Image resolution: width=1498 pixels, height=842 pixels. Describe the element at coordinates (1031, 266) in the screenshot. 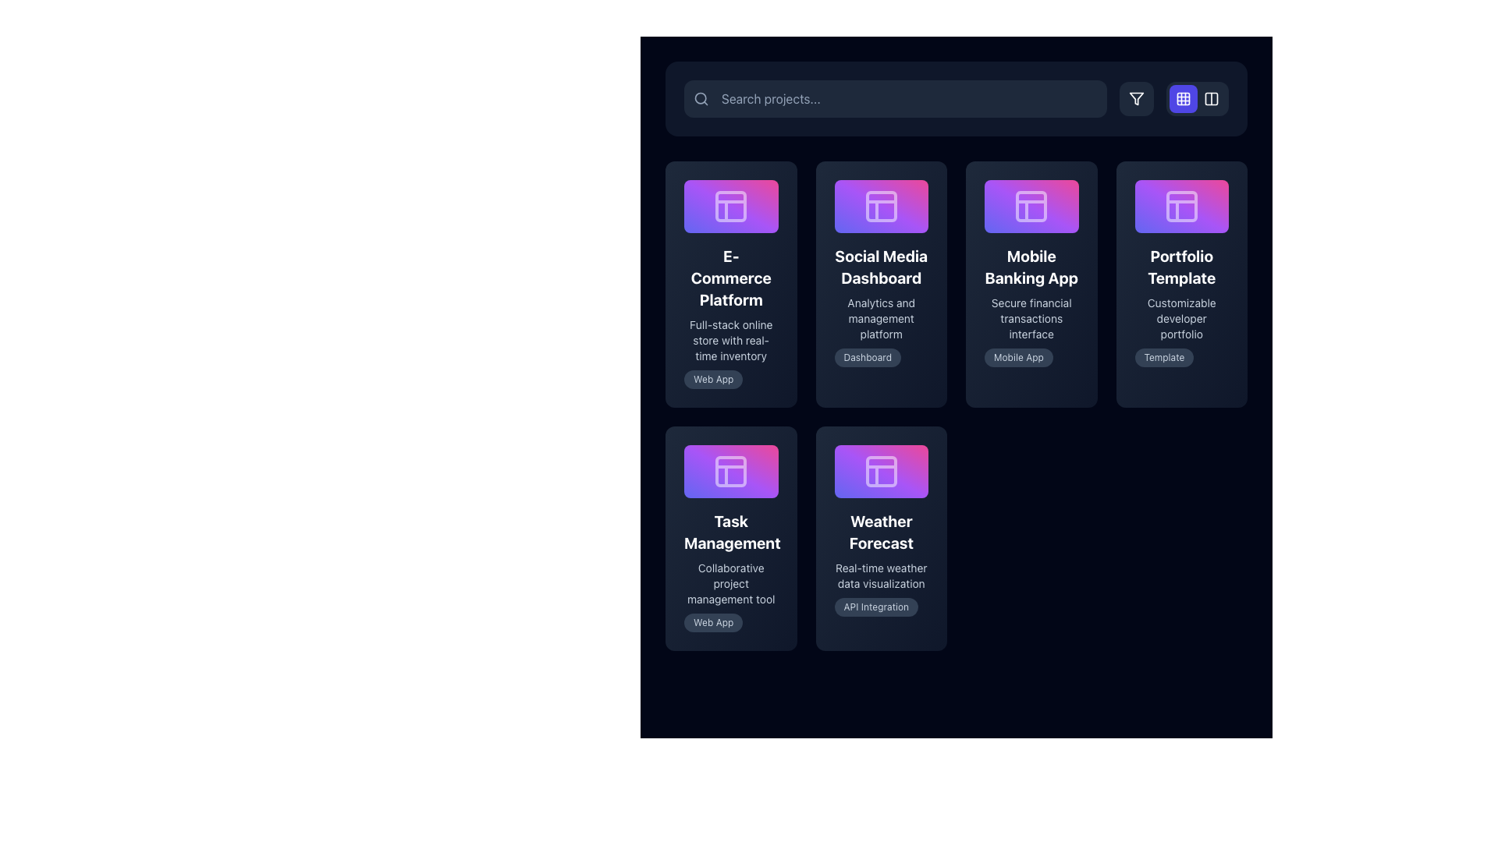

I see `the Text Label that serves as a title or heading for the card in the top row, third column of a 2x3 grid layout` at that location.